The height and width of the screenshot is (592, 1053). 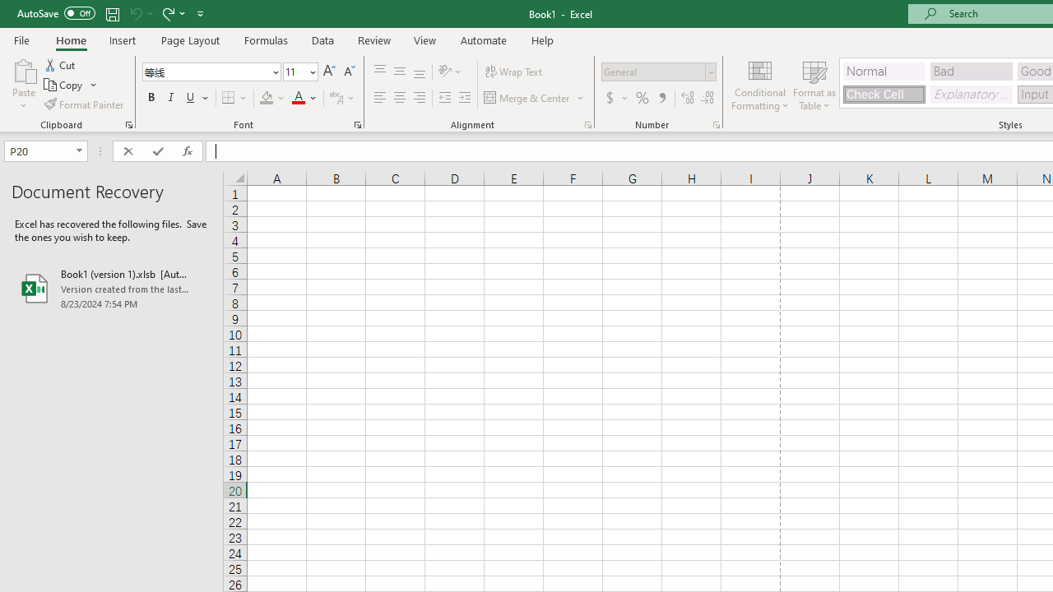 What do you see at coordinates (266, 39) in the screenshot?
I see `'Formulas'` at bounding box center [266, 39].